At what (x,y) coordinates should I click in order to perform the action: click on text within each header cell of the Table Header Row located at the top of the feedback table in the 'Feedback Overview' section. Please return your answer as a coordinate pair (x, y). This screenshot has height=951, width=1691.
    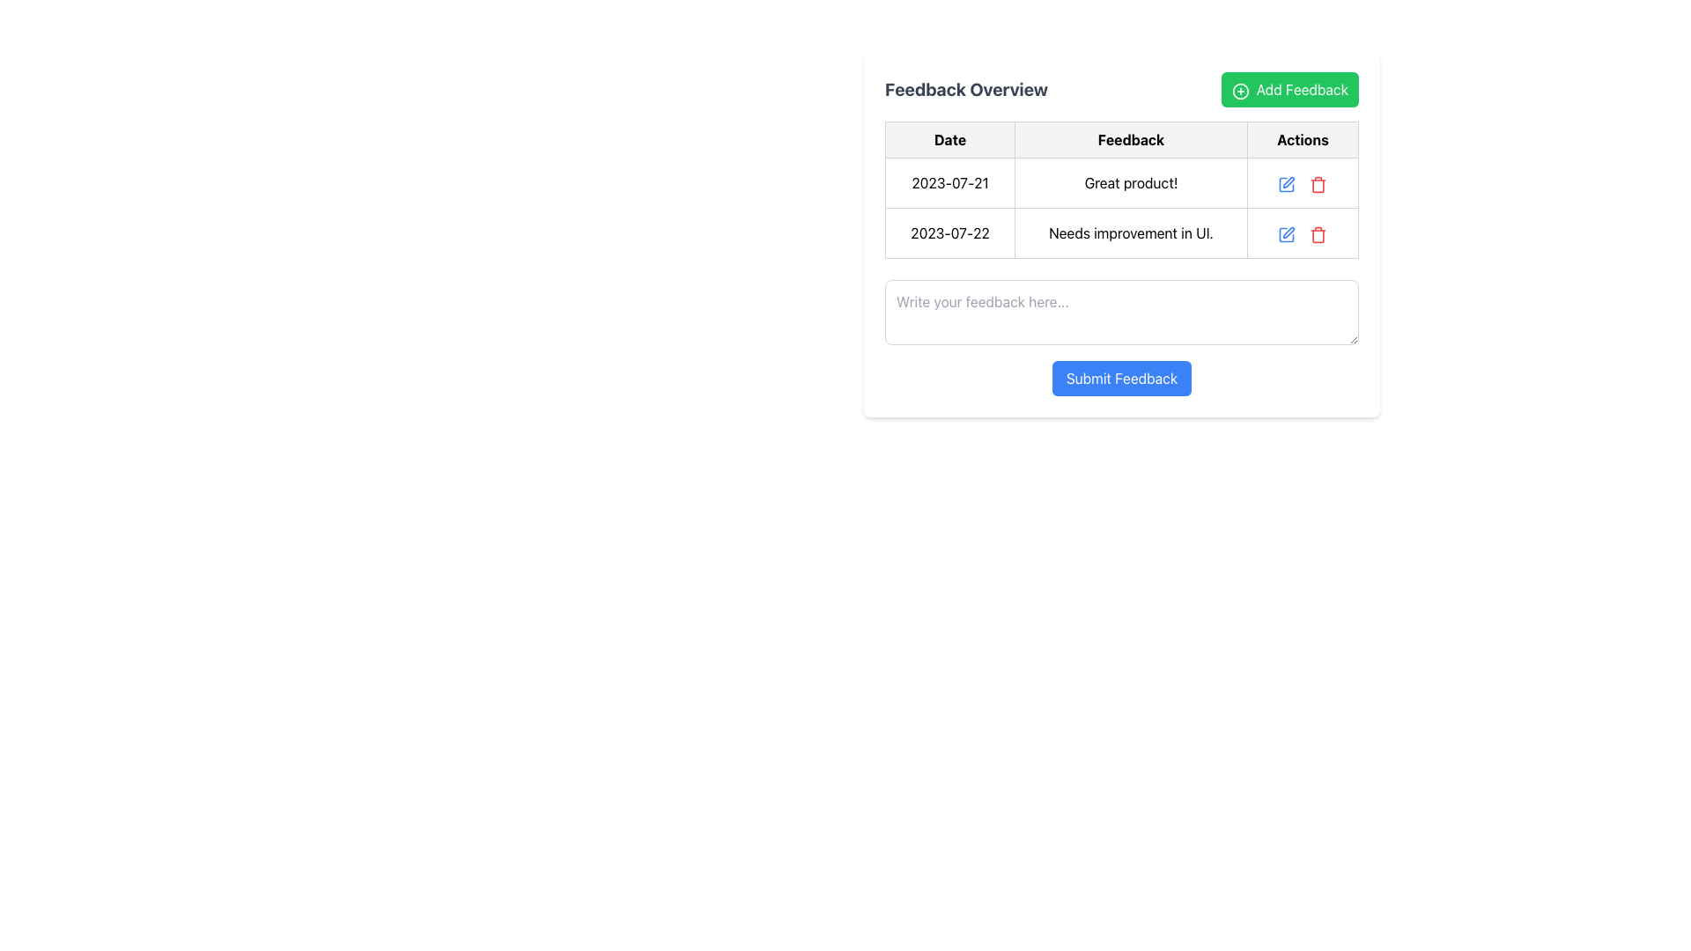
    Looking at the image, I should click on (1120, 138).